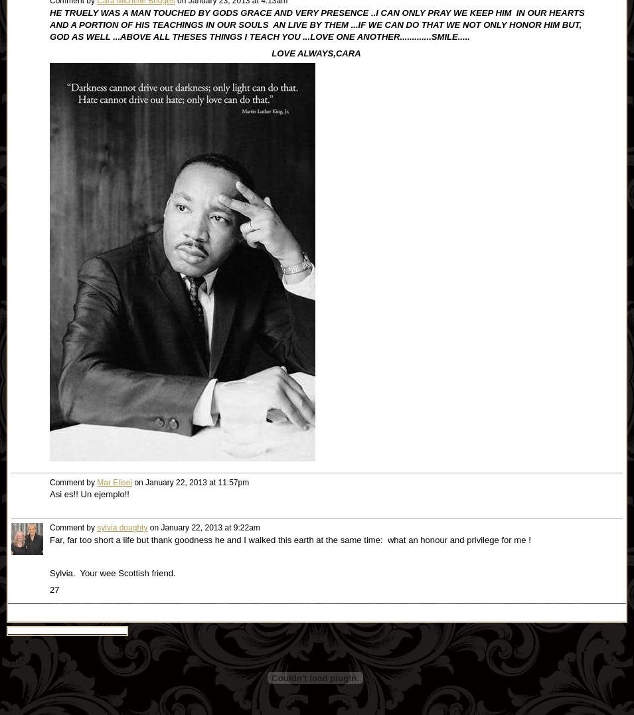 This screenshot has width=634, height=715. I want to click on 'LOVE ALWAYS,CARA', so click(205, 53).